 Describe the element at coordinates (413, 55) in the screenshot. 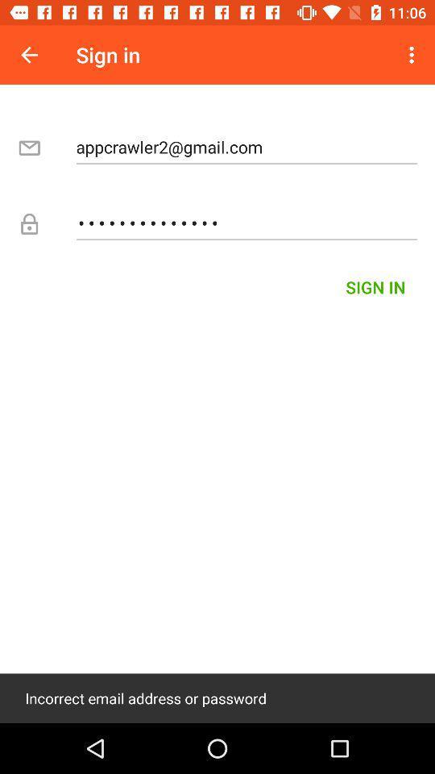

I see `the item to the right of sign in icon` at that location.